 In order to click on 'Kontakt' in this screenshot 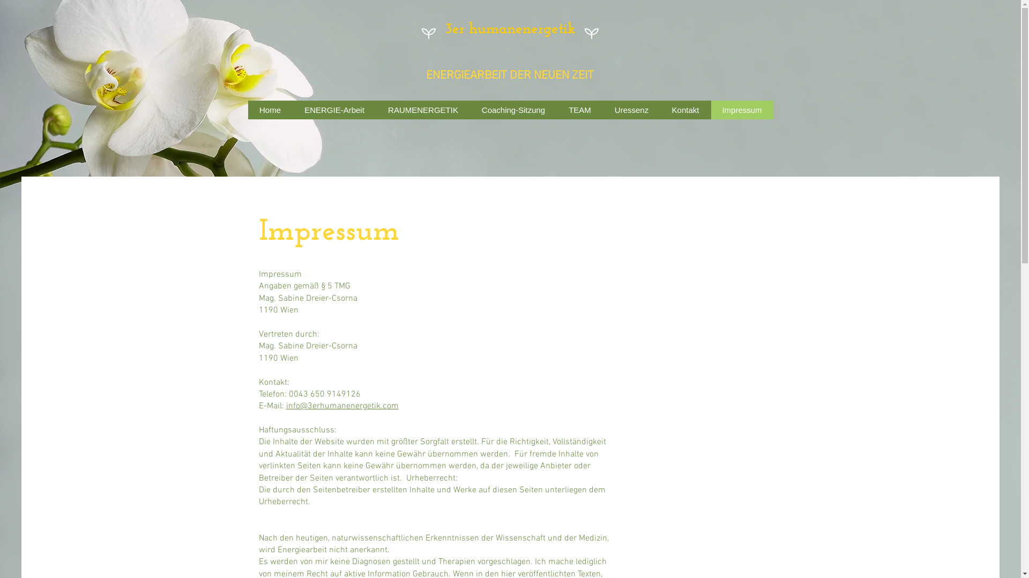, I will do `click(684, 110)`.